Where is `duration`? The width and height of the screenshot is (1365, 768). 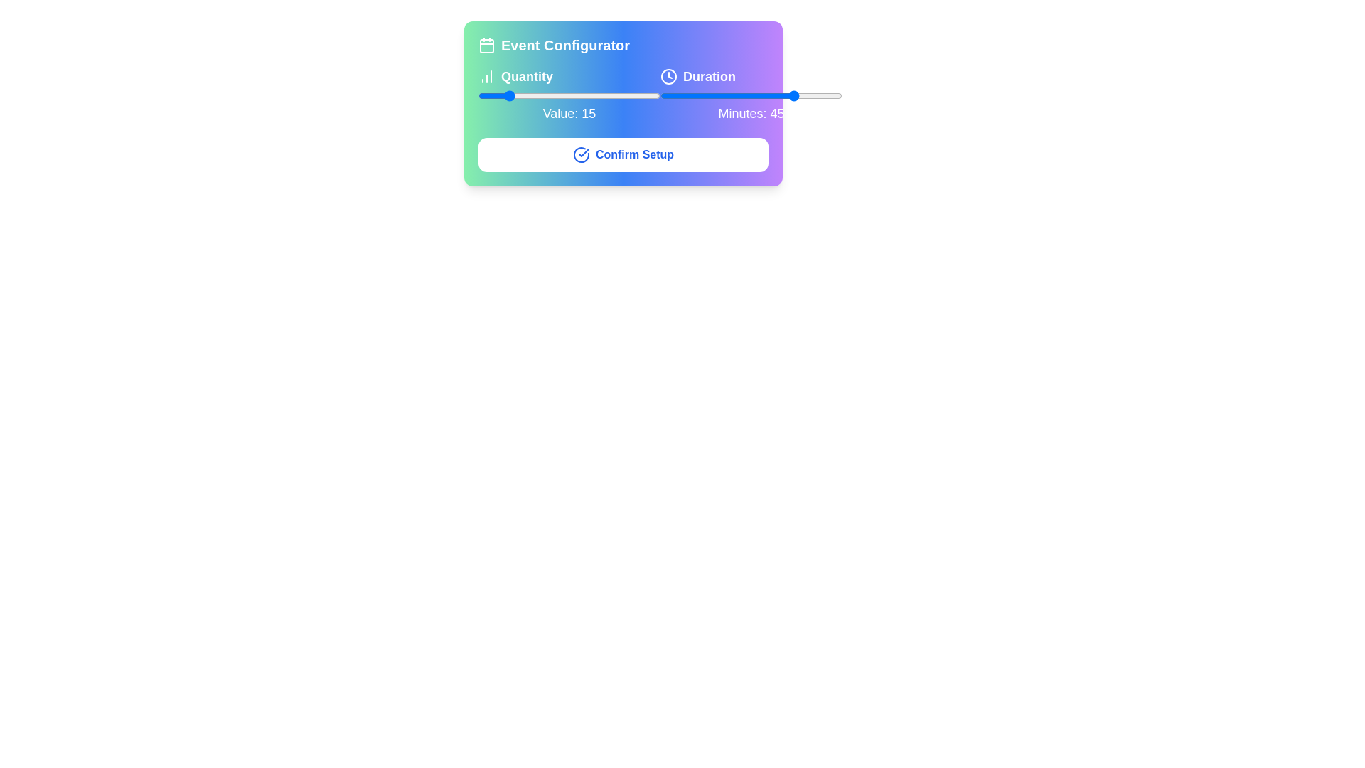 duration is located at coordinates (808, 96).